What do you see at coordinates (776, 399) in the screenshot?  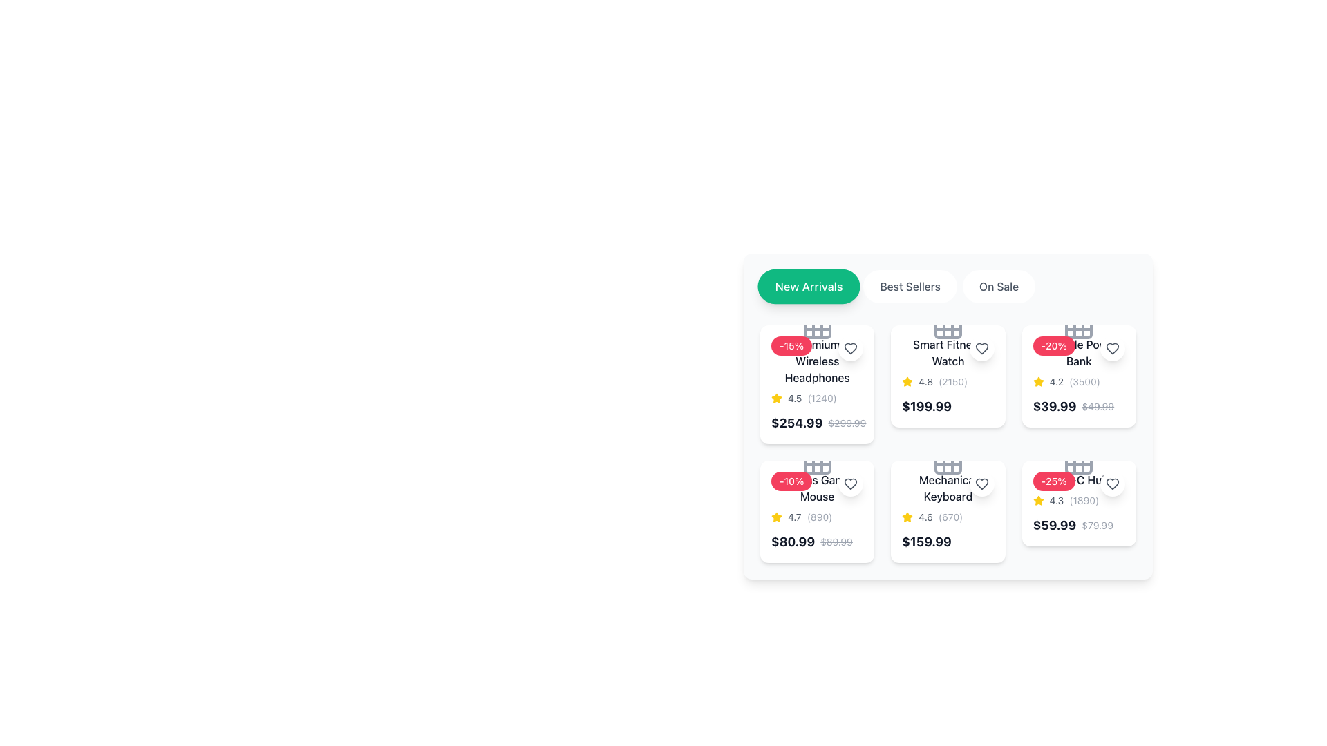 I see `the yellow star icon that indicates a rating, located at the beginning of the rating section with a numerical rating of 4.5 and a review count of 1240` at bounding box center [776, 399].